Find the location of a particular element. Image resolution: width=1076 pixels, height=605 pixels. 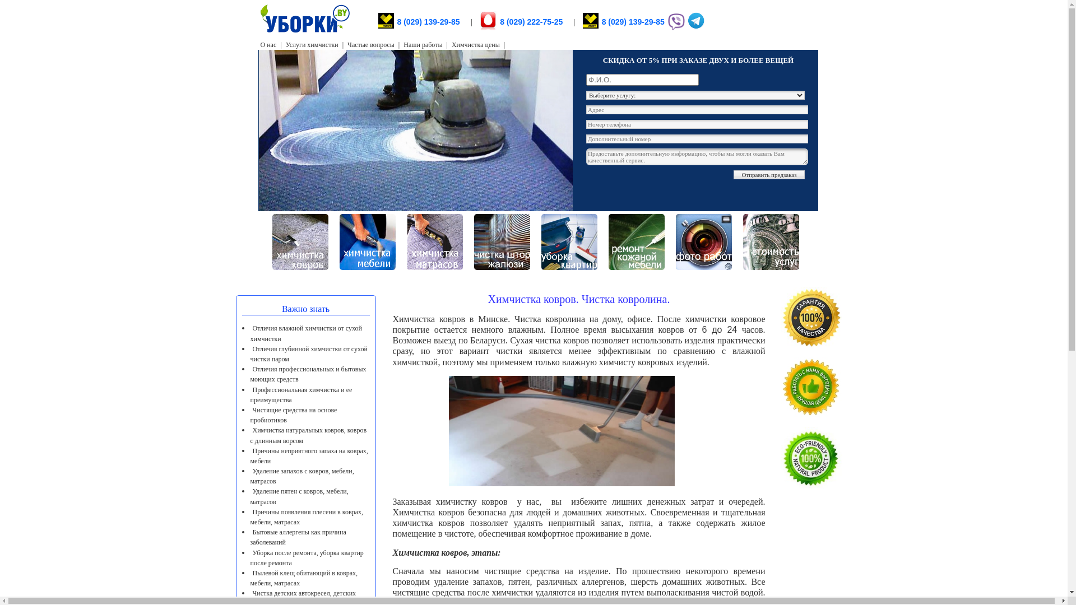

'8 (029) 139-29-85' is located at coordinates (590, 21).